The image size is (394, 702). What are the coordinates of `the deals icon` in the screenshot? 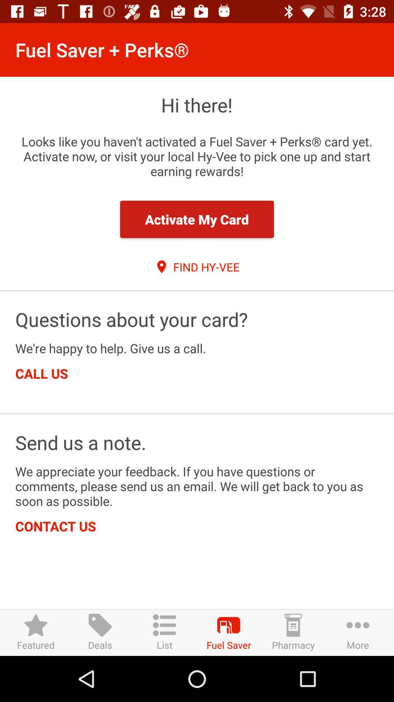 It's located at (100, 632).